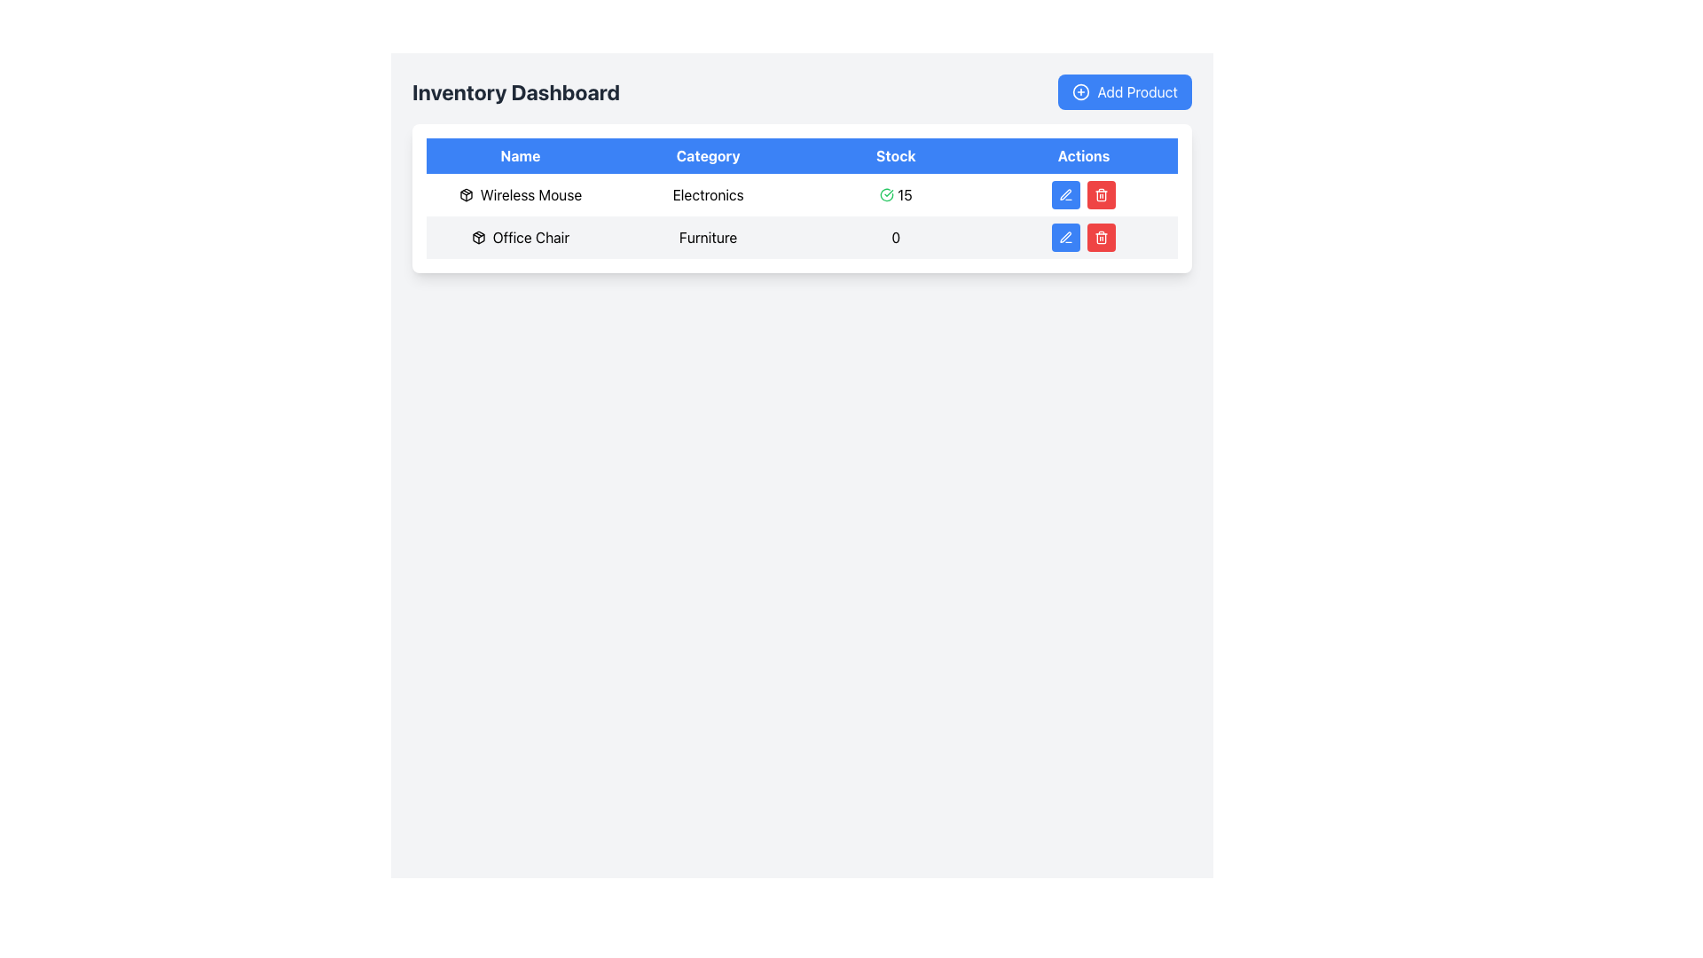  What do you see at coordinates (905, 194) in the screenshot?
I see `the number 15 displayed in the stock label within the Stock column of the first row of the Inventory Dashboard` at bounding box center [905, 194].